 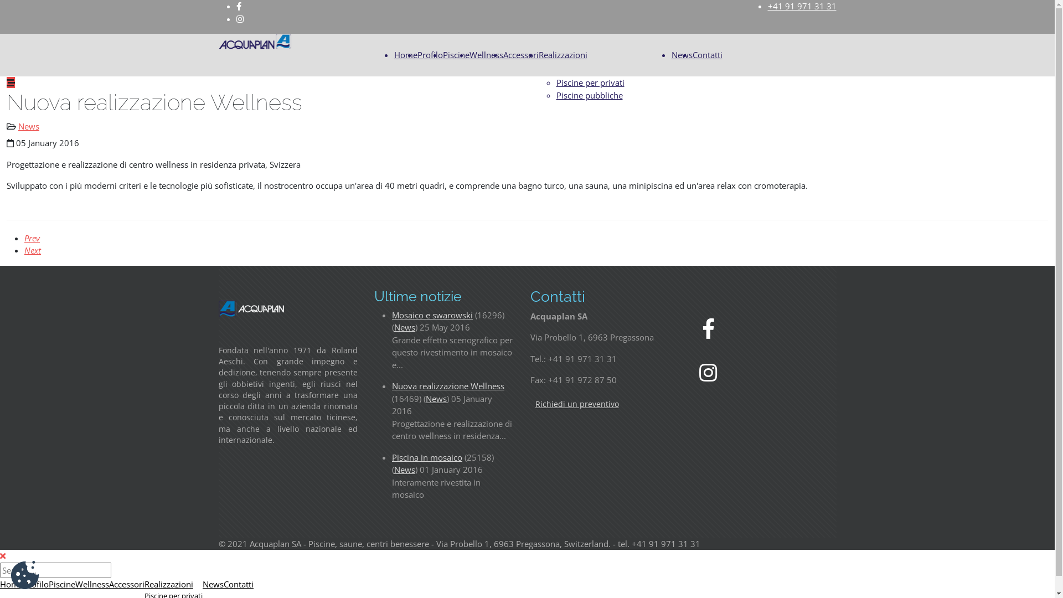 What do you see at coordinates (530, 404) in the screenshot?
I see `'Richiedi un preventivo'` at bounding box center [530, 404].